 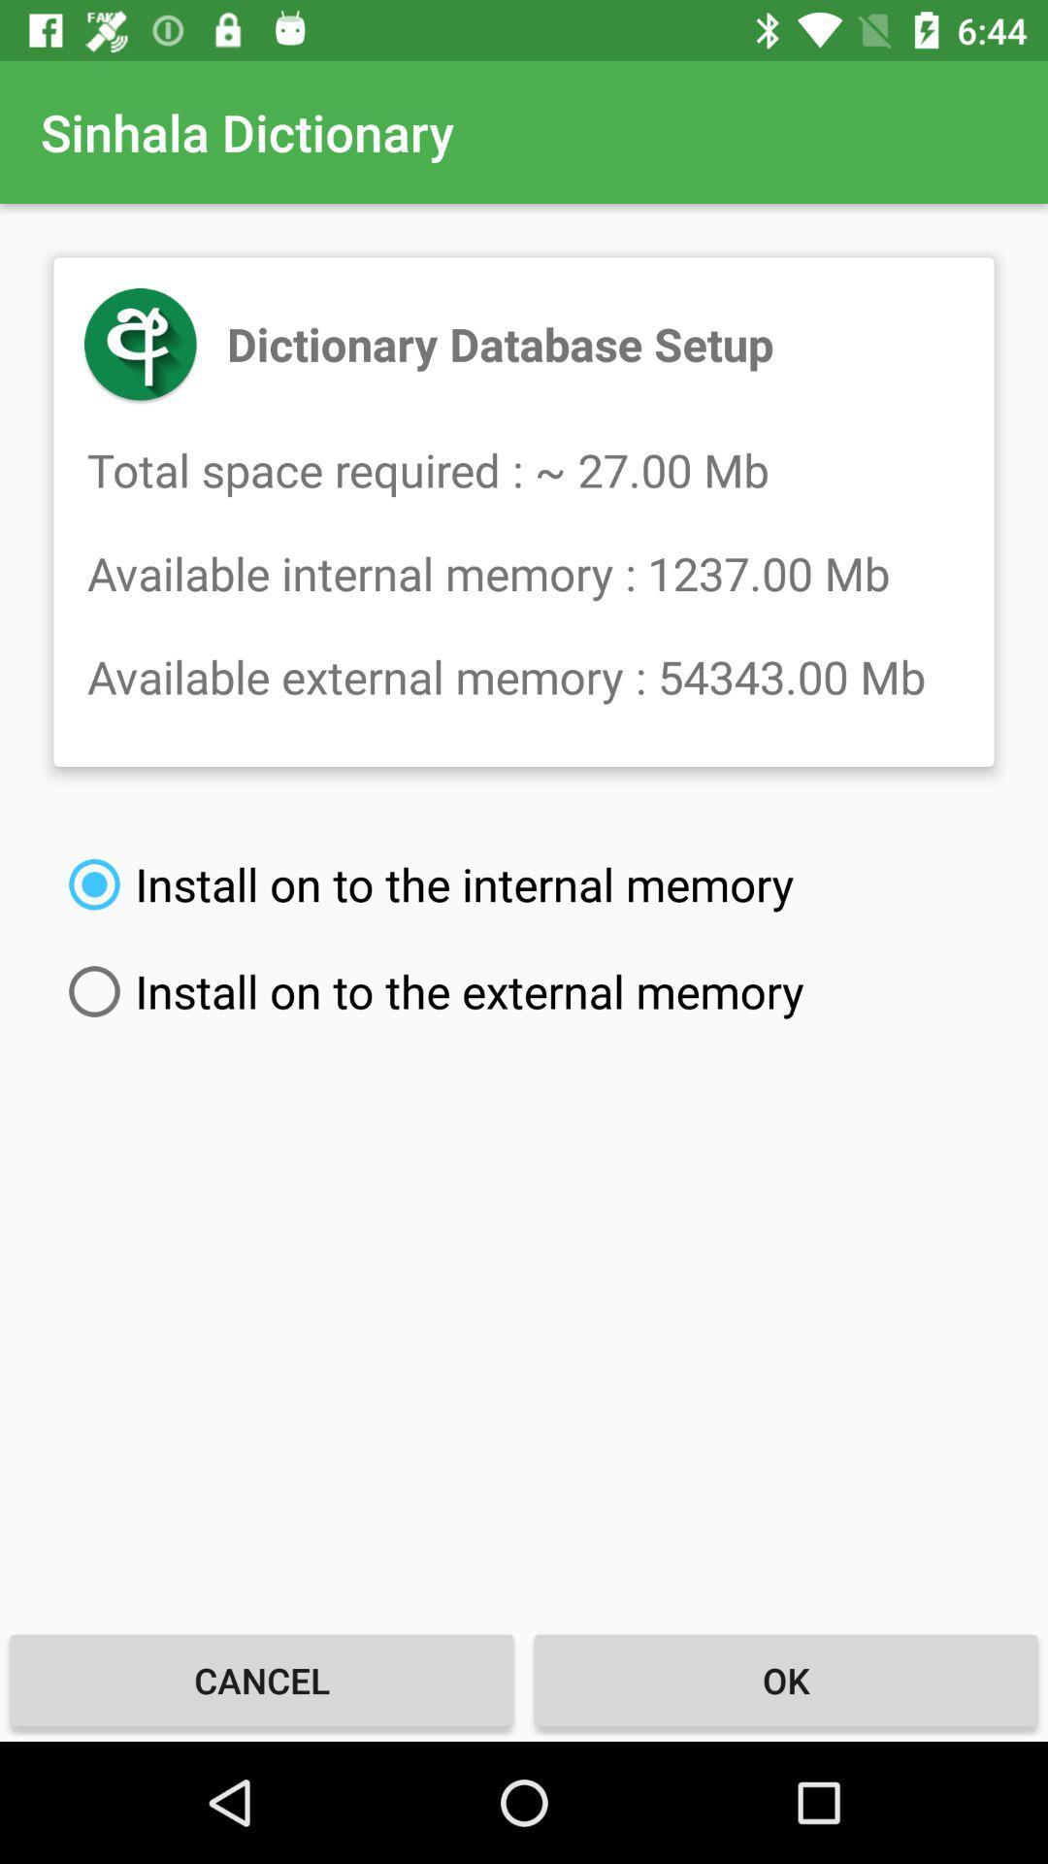 What do you see at coordinates (786, 1680) in the screenshot?
I see `item to the right of cancel icon` at bounding box center [786, 1680].